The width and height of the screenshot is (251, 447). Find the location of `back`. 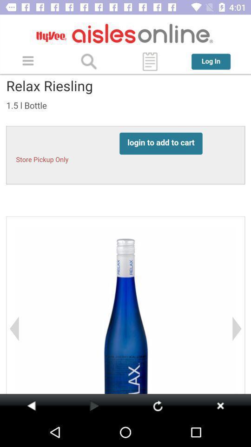

back is located at coordinates (31, 405).